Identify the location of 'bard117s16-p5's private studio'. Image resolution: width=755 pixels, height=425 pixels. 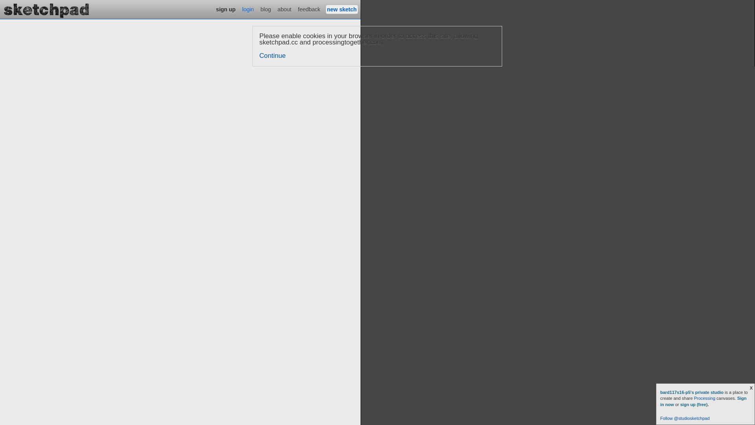
(692, 392).